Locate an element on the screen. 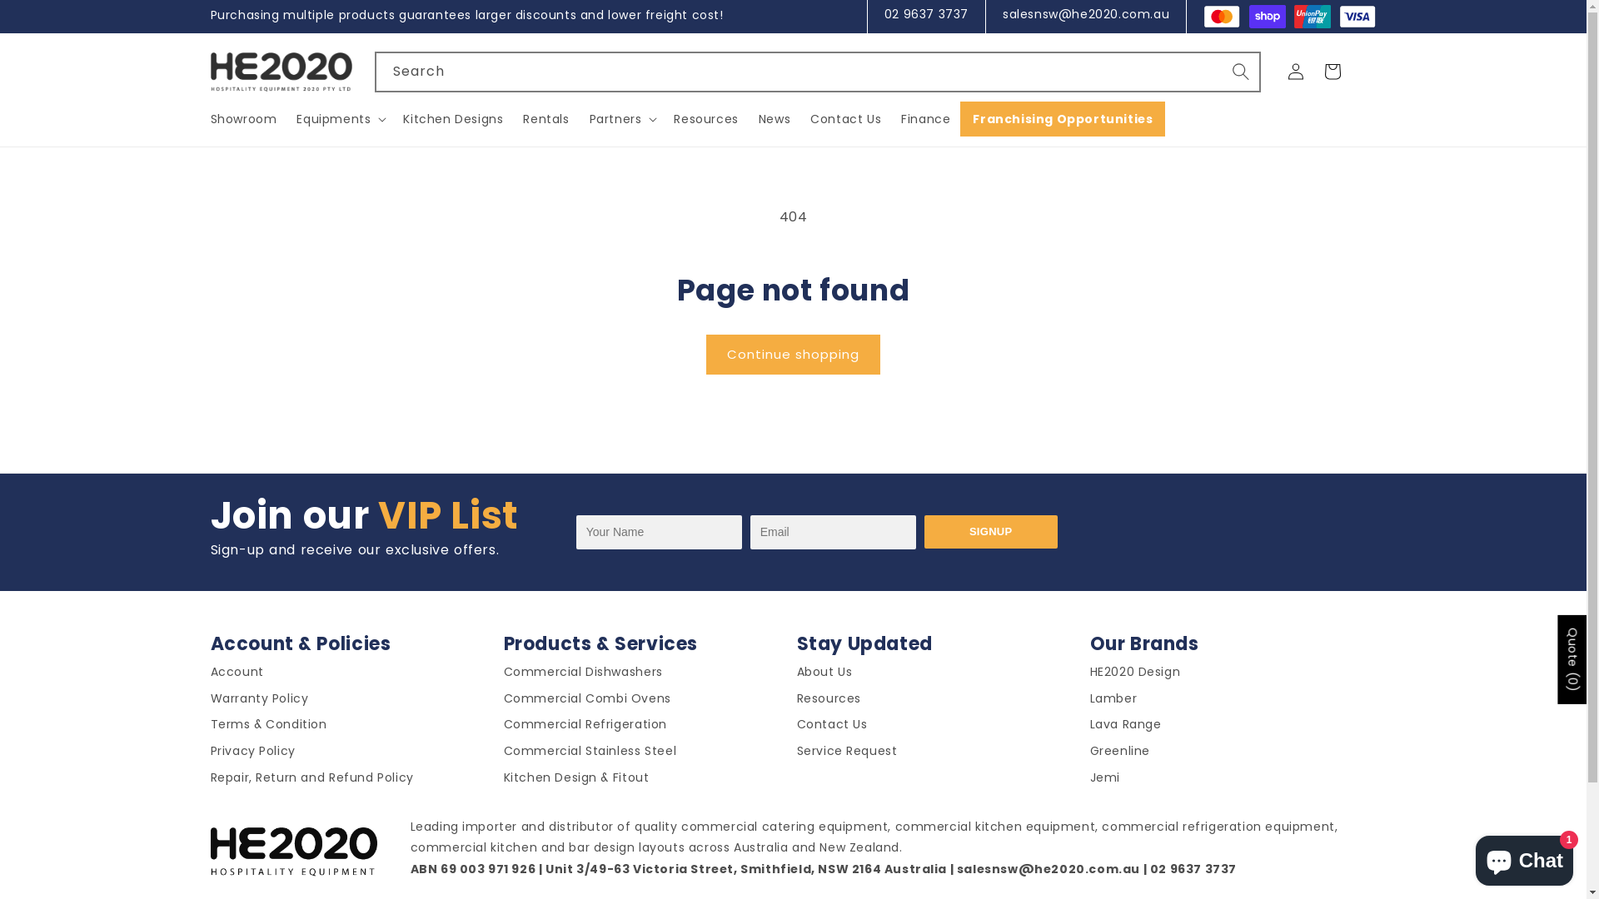 Image resolution: width=1599 pixels, height=899 pixels. 'Franchising Opportunities' is located at coordinates (1062, 117).